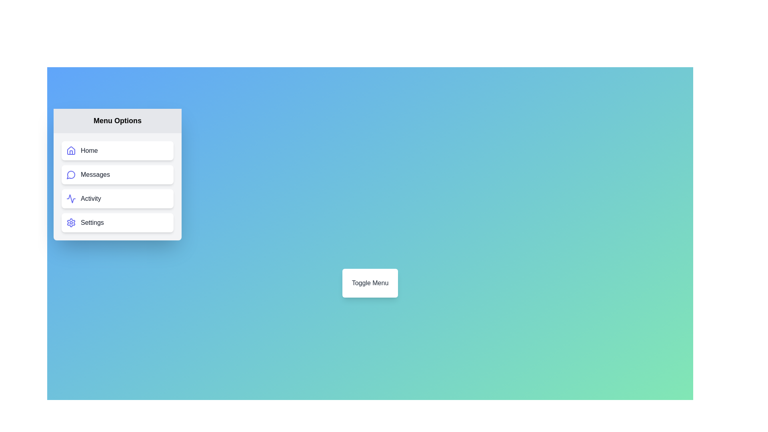 This screenshot has width=768, height=432. What do you see at coordinates (117, 198) in the screenshot?
I see `the menu item labeled Activity to observe its hover effect` at bounding box center [117, 198].